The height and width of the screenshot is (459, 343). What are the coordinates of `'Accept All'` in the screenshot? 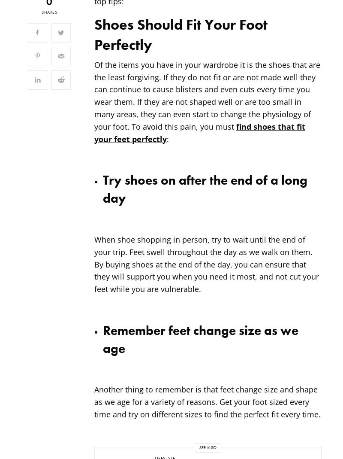 It's located at (132, 399).